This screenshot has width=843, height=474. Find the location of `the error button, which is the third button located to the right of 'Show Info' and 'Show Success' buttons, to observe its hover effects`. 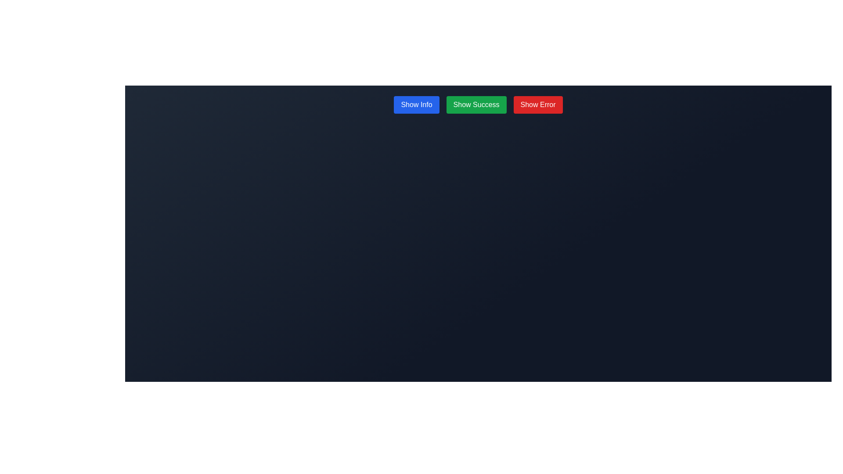

the error button, which is the third button located to the right of 'Show Info' and 'Show Success' buttons, to observe its hover effects is located at coordinates (537, 104).